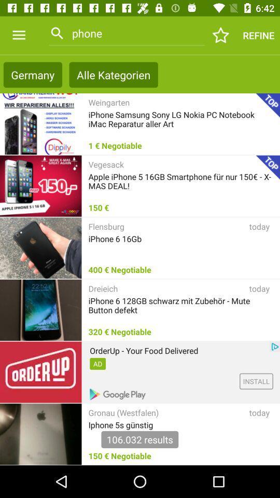  What do you see at coordinates (19, 35) in the screenshot?
I see `icon to the left of phone icon` at bounding box center [19, 35].